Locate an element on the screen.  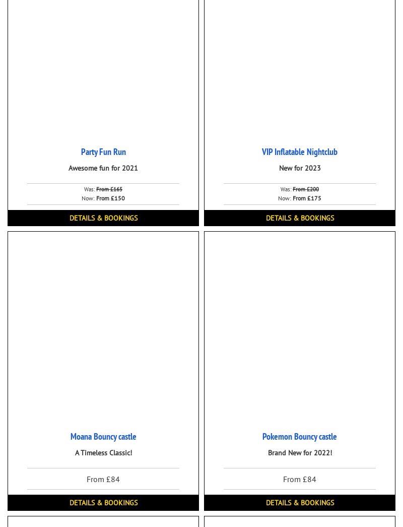
'Awesome fun for 2021' is located at coordinates (103, 168).